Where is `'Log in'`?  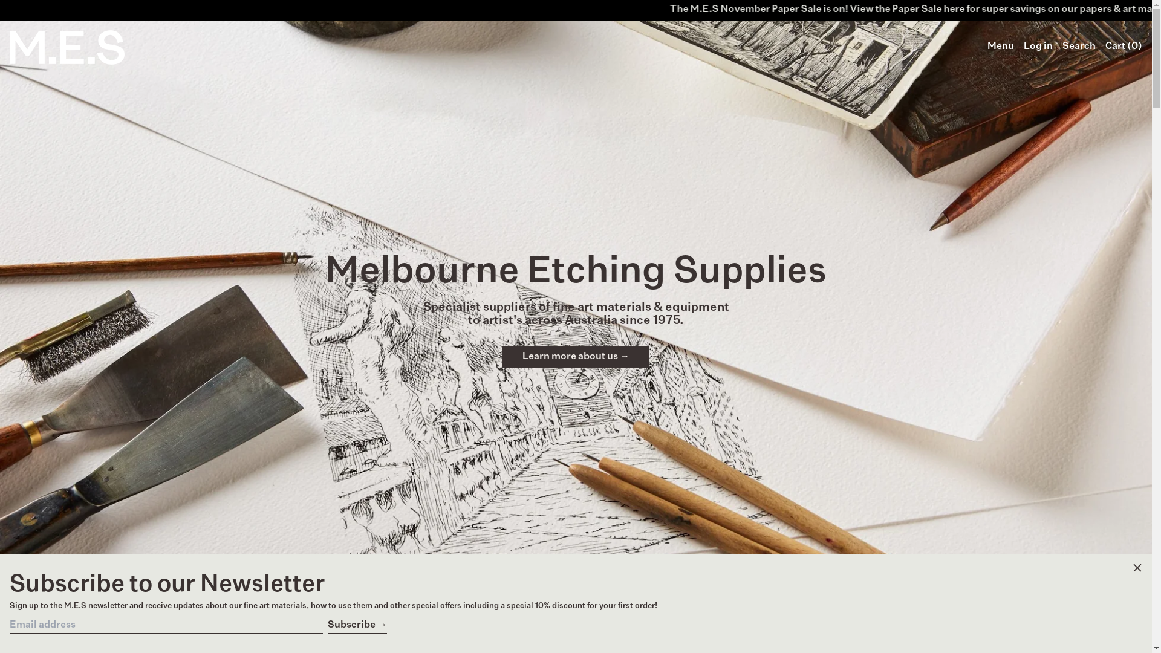
'Log in' is located at coordinates (1038, 46).